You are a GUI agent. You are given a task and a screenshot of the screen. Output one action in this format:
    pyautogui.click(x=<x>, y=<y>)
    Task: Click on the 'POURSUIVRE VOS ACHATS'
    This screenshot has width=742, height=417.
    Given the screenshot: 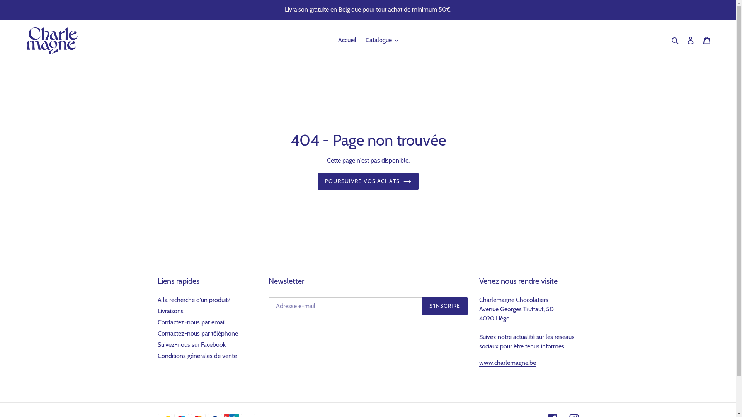 What is the action you would take?
    pyautogui.click(x=368, y=181)
    